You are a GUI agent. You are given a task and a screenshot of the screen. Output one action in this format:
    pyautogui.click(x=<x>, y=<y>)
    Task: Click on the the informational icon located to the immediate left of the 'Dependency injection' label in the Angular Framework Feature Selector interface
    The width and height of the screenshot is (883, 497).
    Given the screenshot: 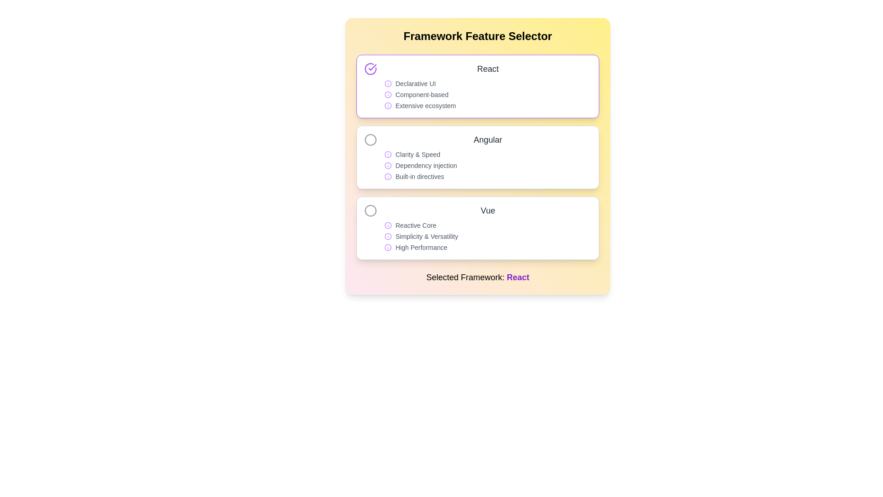 What is the action you would take?
    pyautogui.click(x=388, y=165)
    